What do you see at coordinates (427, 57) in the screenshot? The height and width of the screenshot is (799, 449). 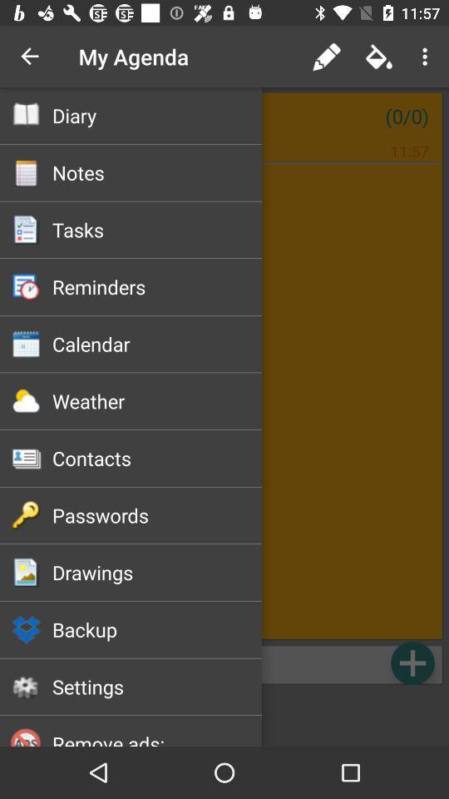 I see `the option button on the top right hand corner` at bounding box center [427, 57].